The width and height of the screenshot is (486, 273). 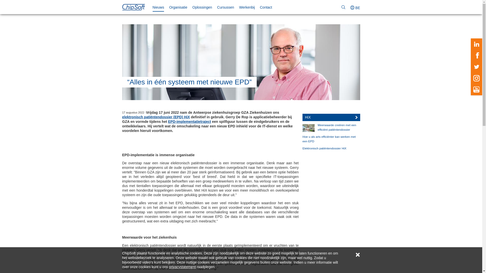 What do you see at coordinates (189, 122) in the screenshot?
I see `'EPD-implementatietraject'` at bounding box center [189, 122].